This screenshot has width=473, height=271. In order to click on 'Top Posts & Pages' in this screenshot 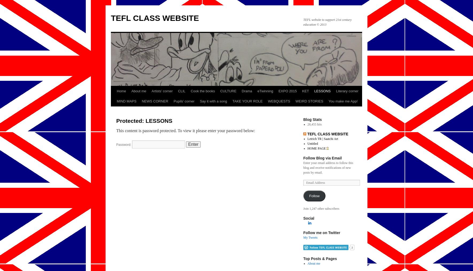, I will do `click(303, 259)`.